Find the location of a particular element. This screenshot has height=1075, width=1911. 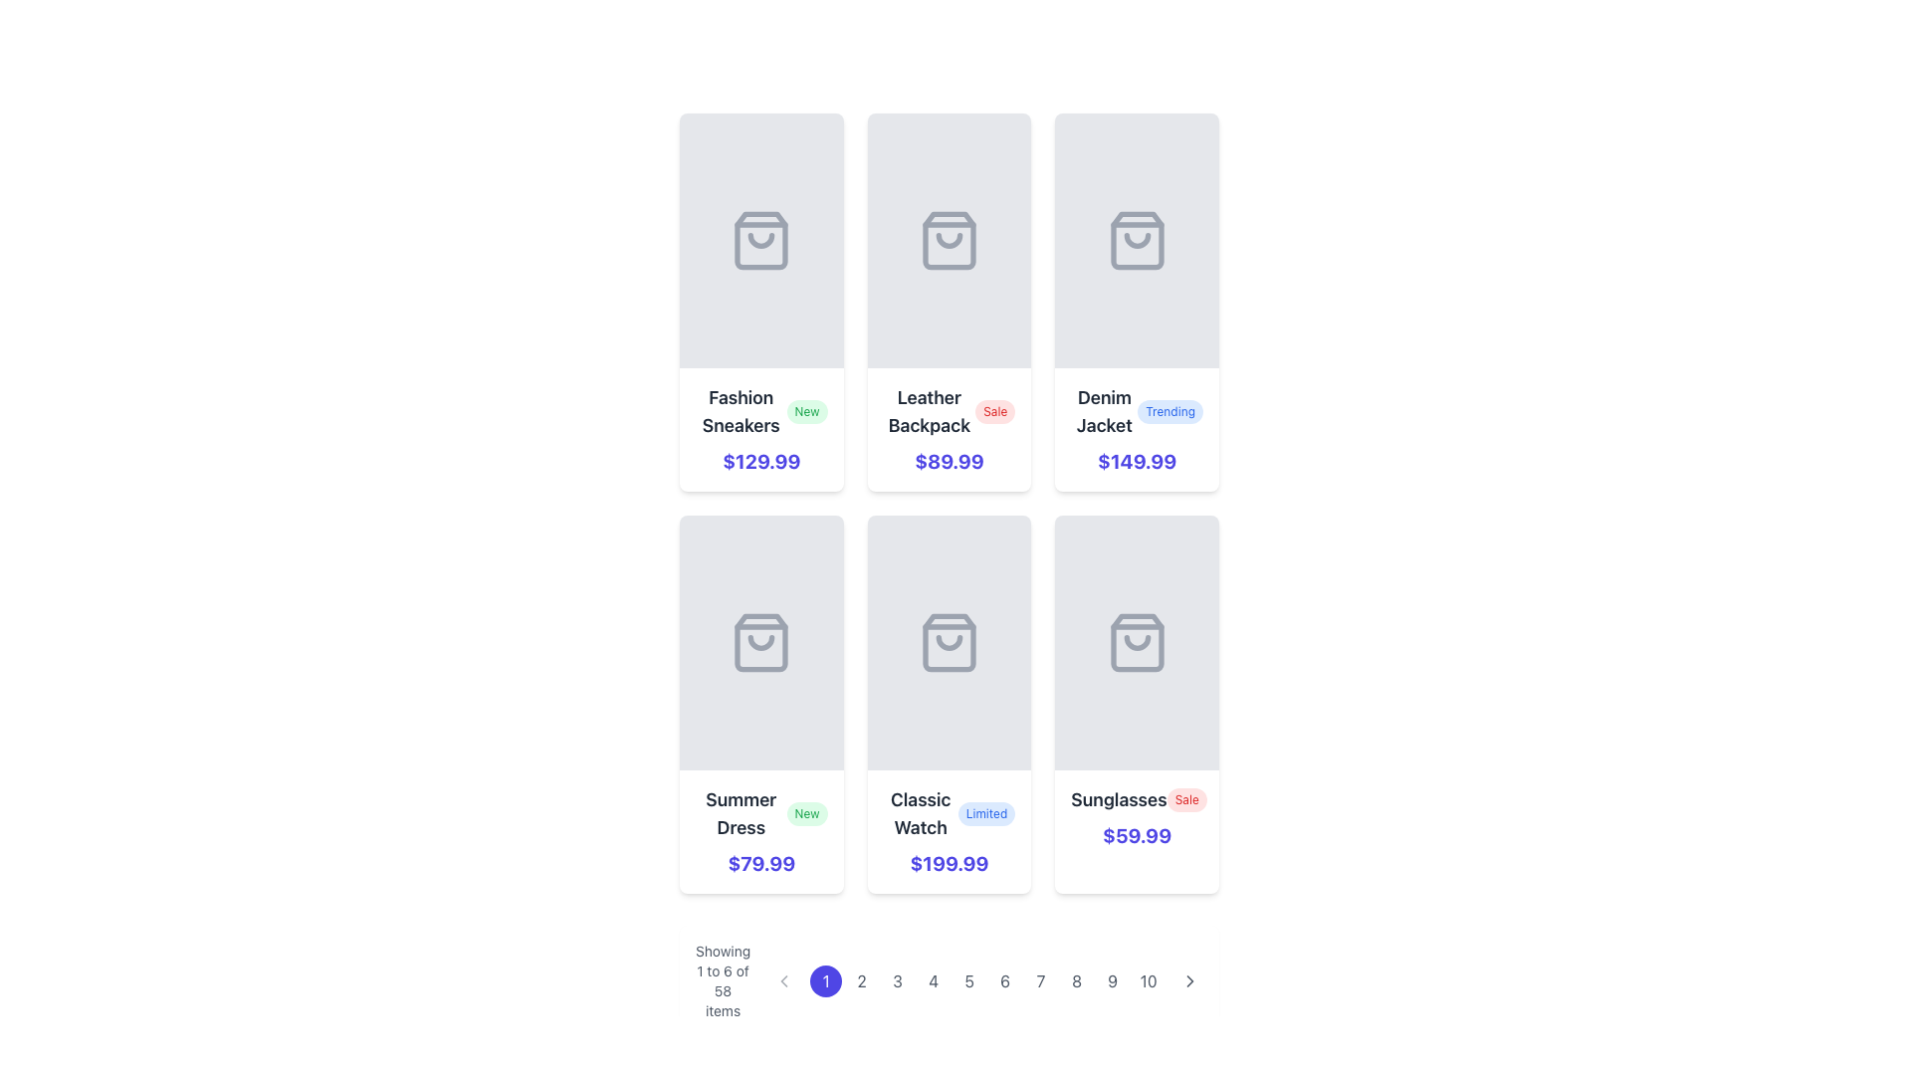

the shopping bag icon in the SVG graphic located at the bottom-right corner of the 'Sunglasses' card is located at coordinates (1137, 642).